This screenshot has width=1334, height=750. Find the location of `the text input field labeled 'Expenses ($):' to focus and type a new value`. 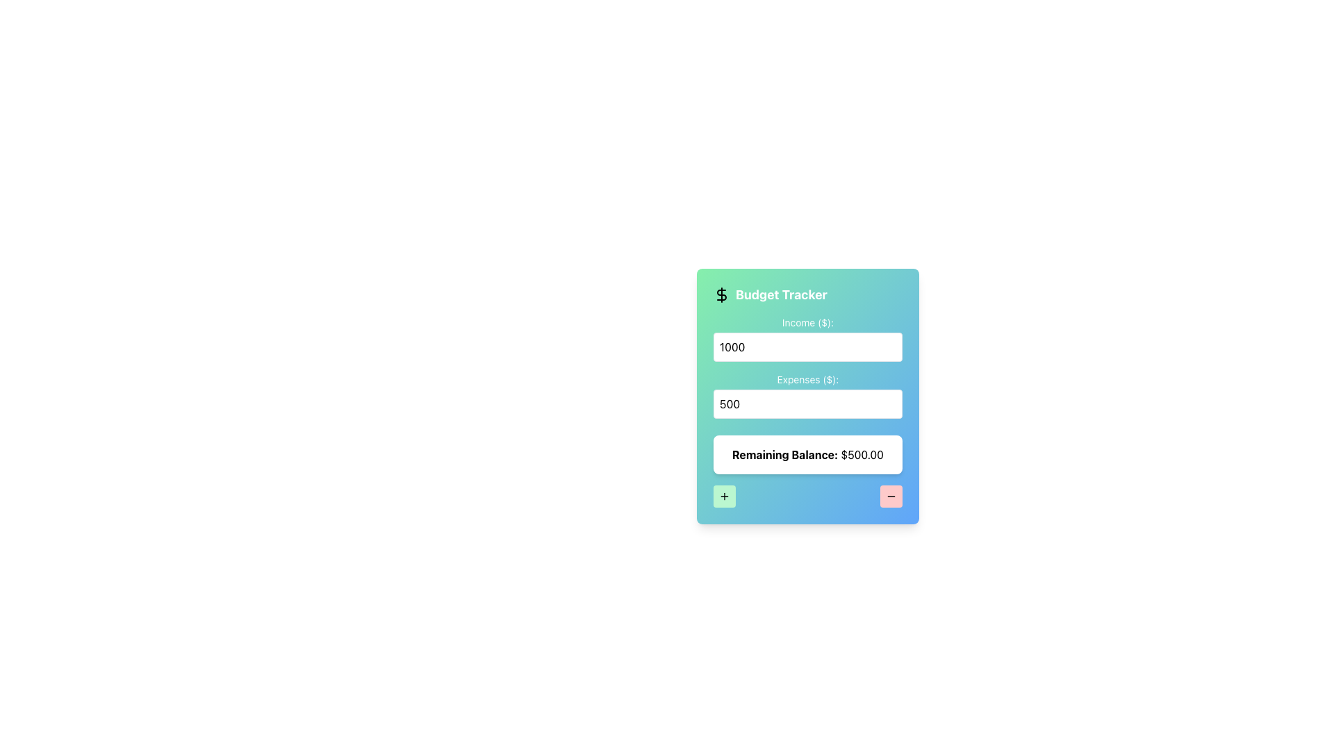

the text input field labeled 'Expenses ($):' to focus and type a new value is located at coordinates (807, 396).